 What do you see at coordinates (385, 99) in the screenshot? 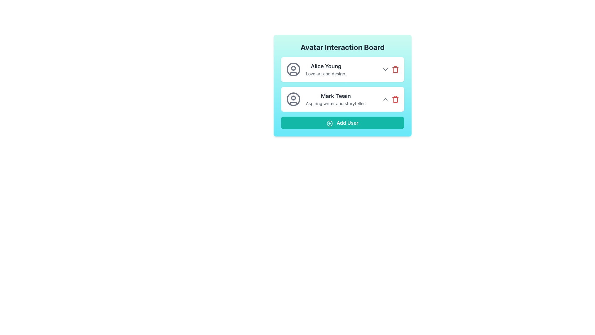
I see `the chevron icon button located in the top-right corner of the 'Mark Twain' user profile card` at bounding box center [385, 99].